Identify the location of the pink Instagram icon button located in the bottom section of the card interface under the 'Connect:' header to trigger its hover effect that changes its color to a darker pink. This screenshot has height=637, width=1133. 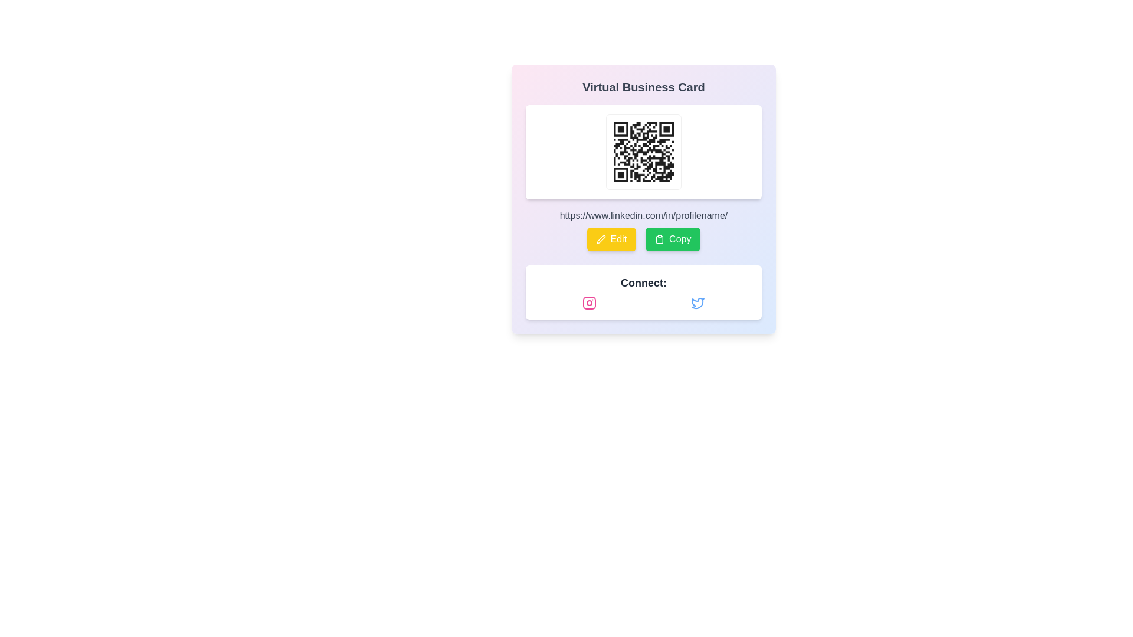
(589, 302).